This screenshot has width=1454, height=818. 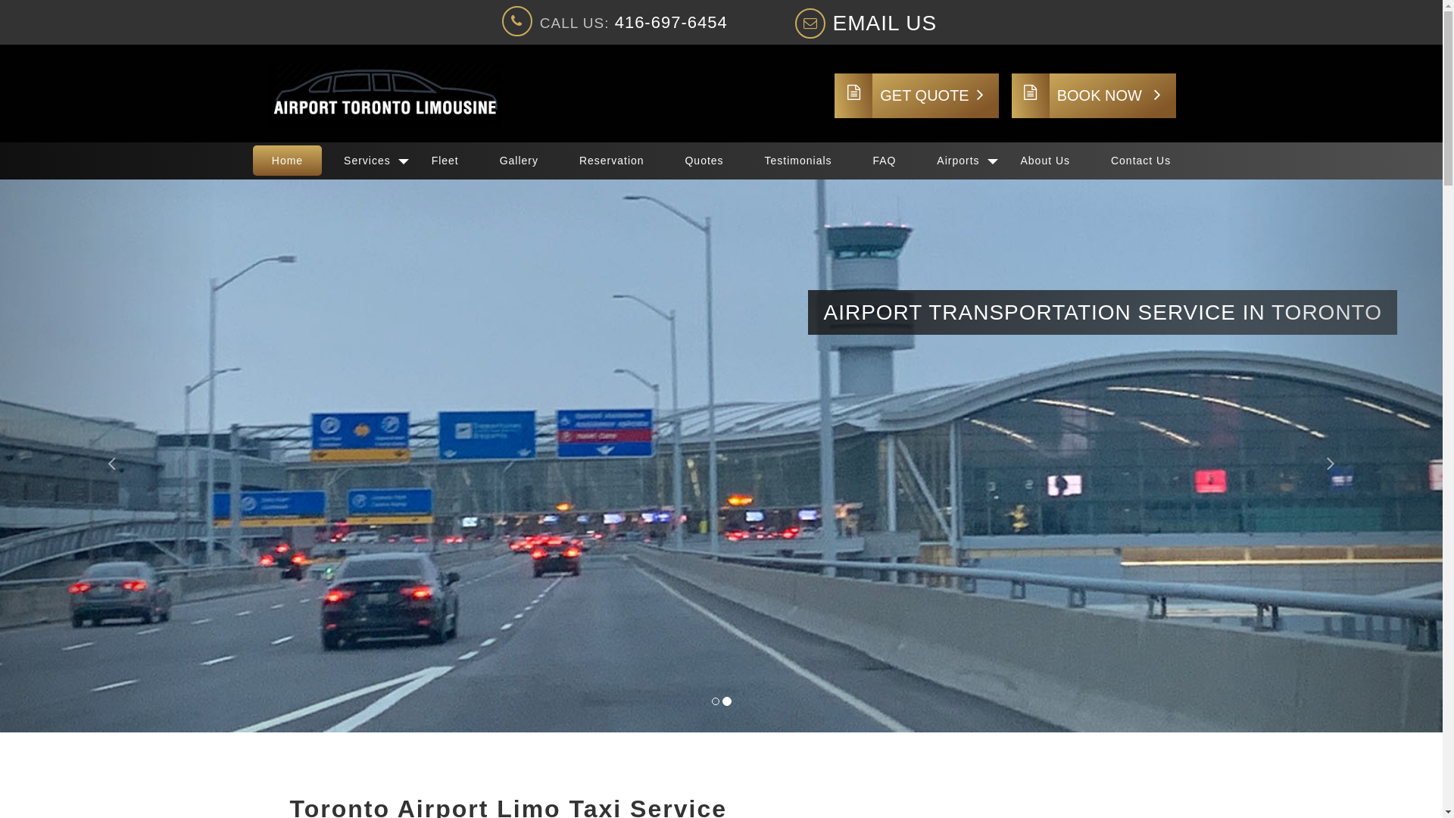 I want to click on 'About Us', so click(x=1044, y=161).